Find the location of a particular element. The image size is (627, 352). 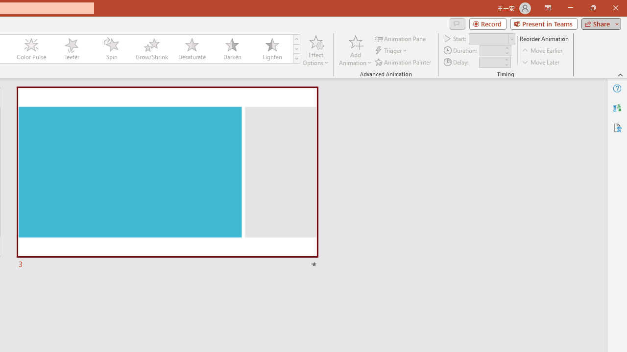

'Move Later' is located at coordinates (541, 62).